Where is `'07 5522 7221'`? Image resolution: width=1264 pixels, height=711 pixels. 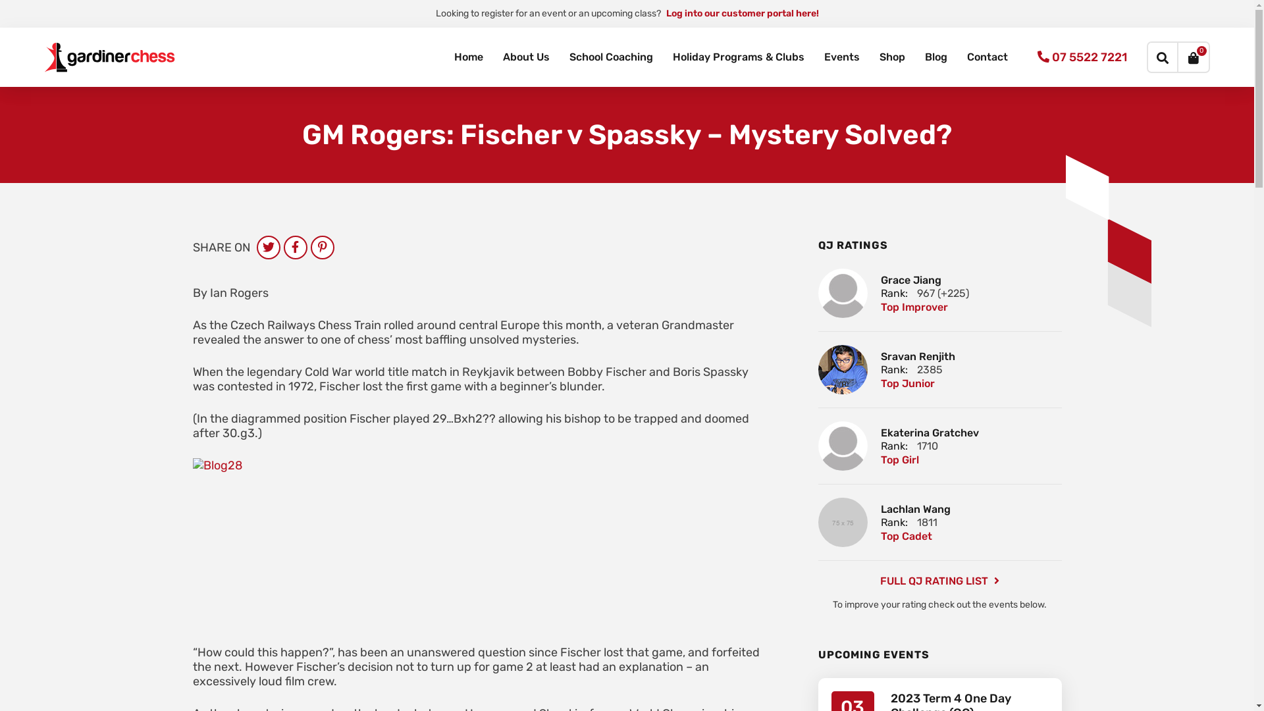 '07 5522 7221' is located at coordinates (1036, 57).